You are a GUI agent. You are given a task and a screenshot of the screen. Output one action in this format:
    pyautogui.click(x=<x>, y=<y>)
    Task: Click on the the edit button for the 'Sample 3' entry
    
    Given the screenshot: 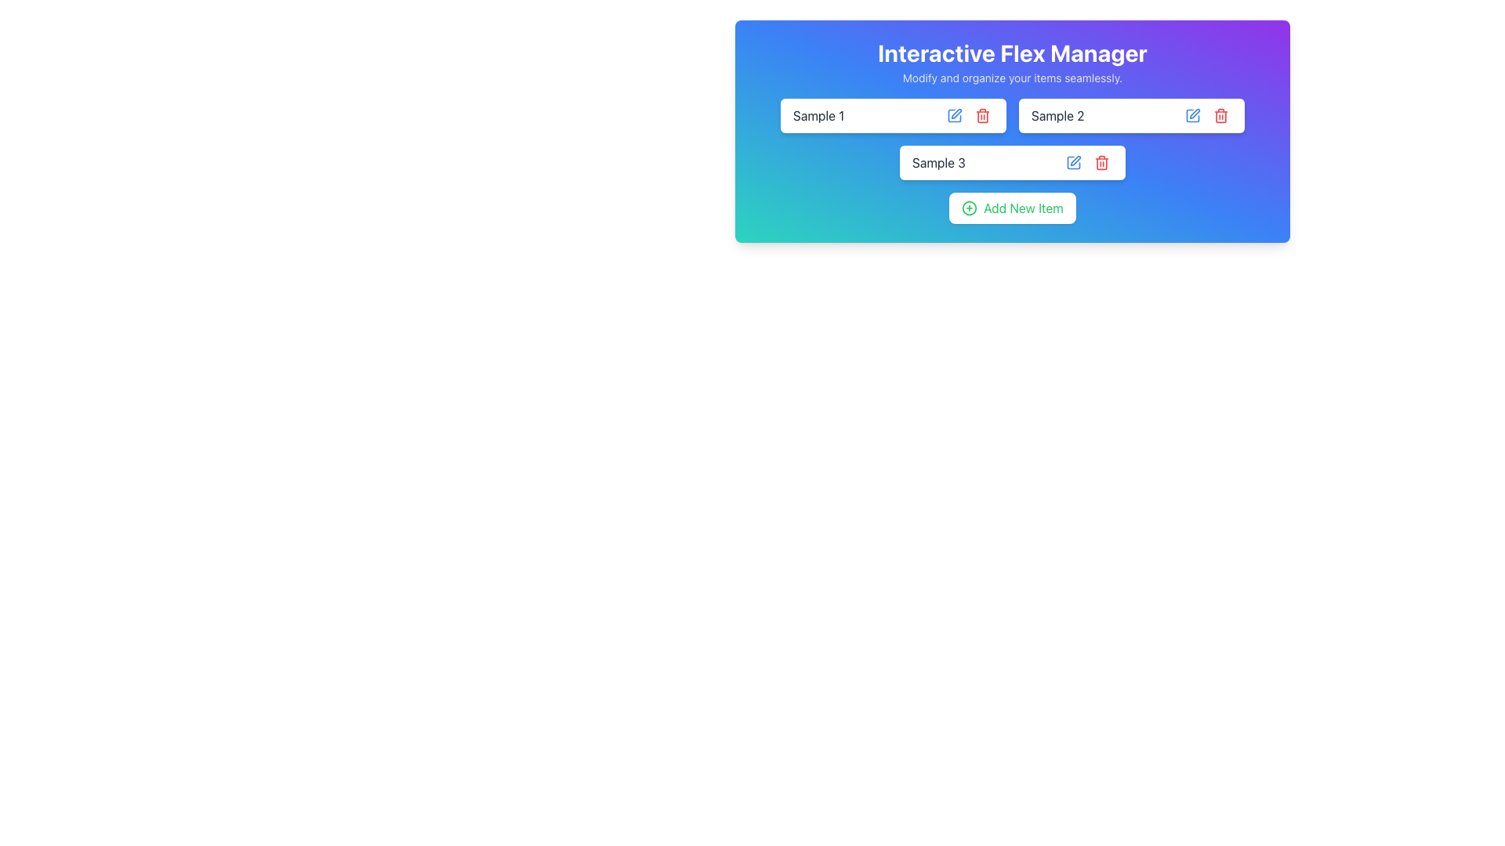 What is the action you would take?
    pyautogui.click(x=1072, y=163)
    